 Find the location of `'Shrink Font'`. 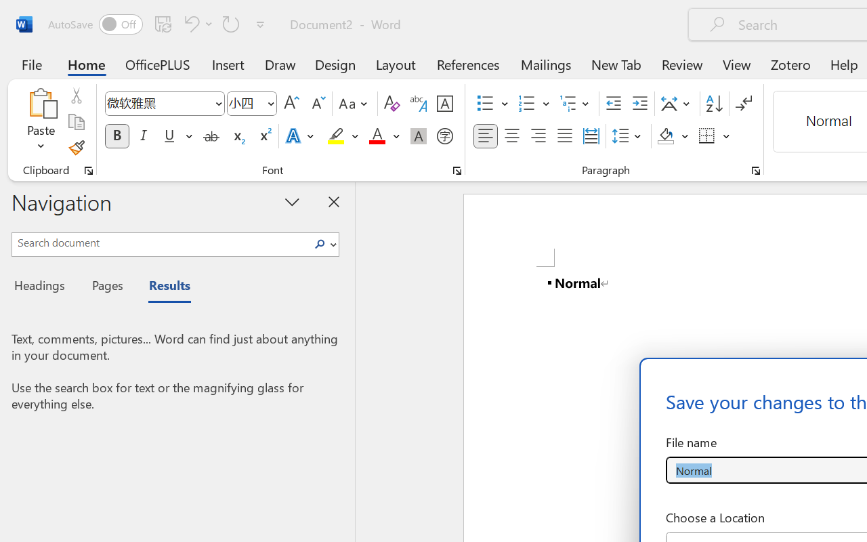

'Shrink Font' is located at coordinates (316, 104).